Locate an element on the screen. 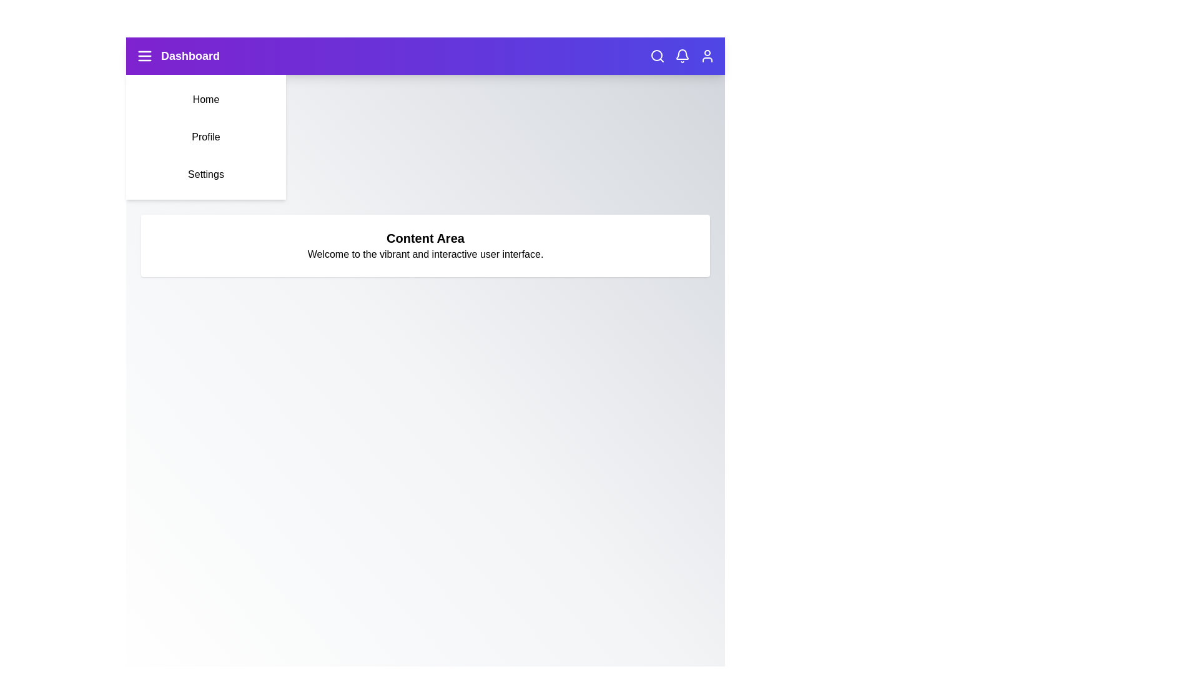 This screenshot has width=1199, height=674. the navigation option Profile in the navigation bar is located at coordinates (206, 137).